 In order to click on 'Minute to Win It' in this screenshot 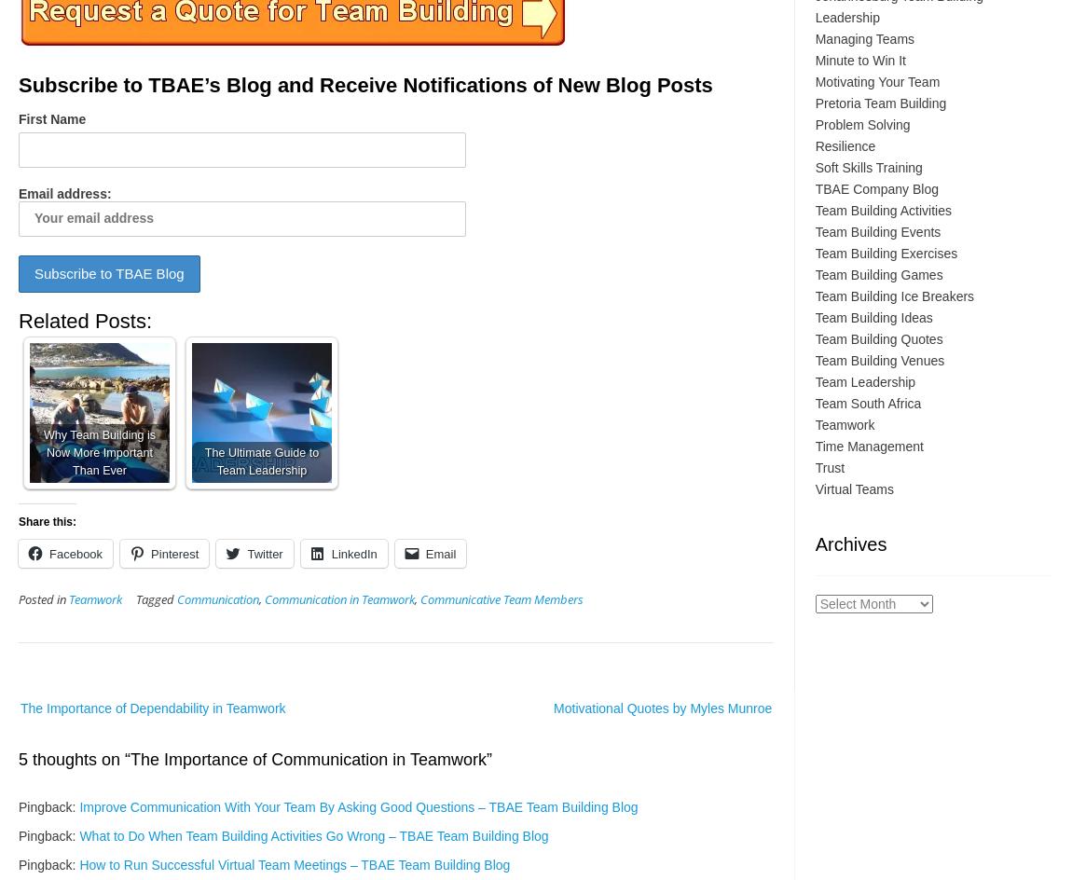, I will do `click(859, 59)`.